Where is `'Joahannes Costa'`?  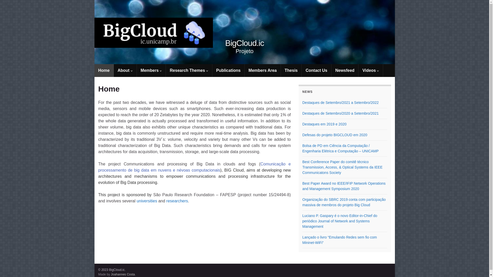
'Joahannes Costa' is located at coordinates (122, 274).